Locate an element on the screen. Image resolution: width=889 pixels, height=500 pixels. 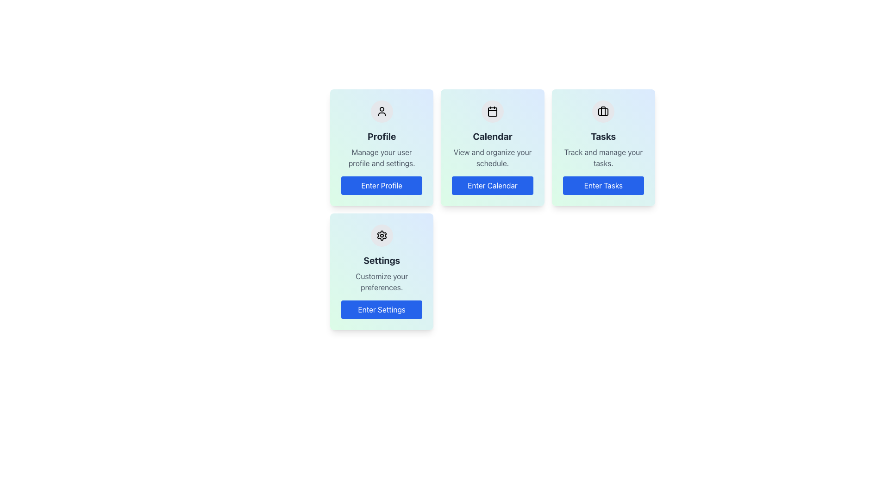
the 'Settings' text label, which is bold, large, and dark gray, located in the third card of the second row, above the subtitle 'Customize your preferences' and the 'Enter Settings' button is located at coordinates (382, 261).